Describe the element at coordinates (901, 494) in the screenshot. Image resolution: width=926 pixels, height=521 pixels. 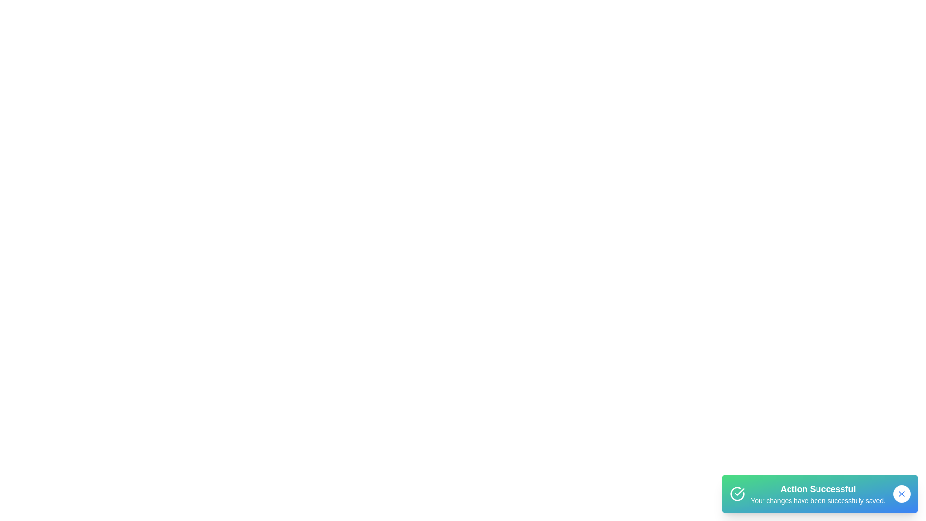
I see `the close button of the snackbar to dismiss it` at that location.